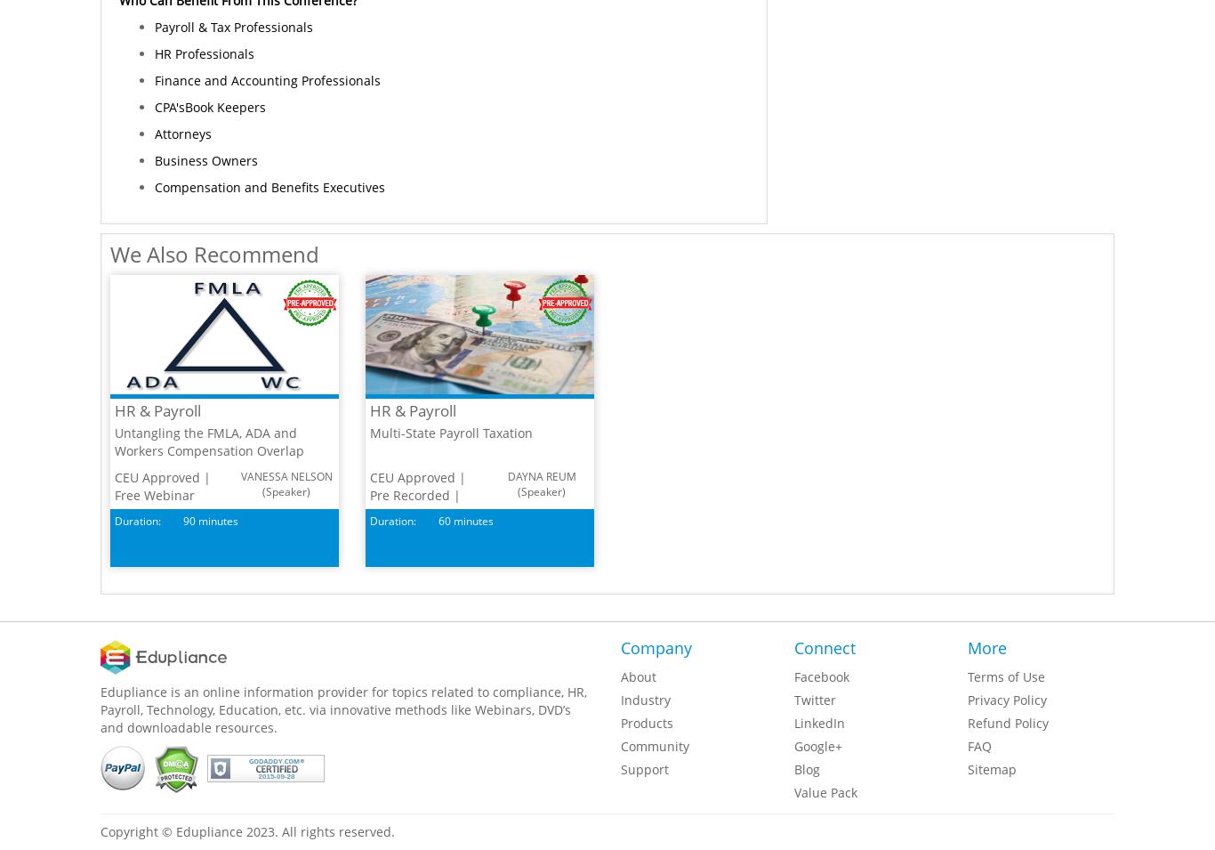  What do you see at coordinates (967, 699) in the screenshot?
I see `'Privacy Policy'` at bounding box center [967, 699].